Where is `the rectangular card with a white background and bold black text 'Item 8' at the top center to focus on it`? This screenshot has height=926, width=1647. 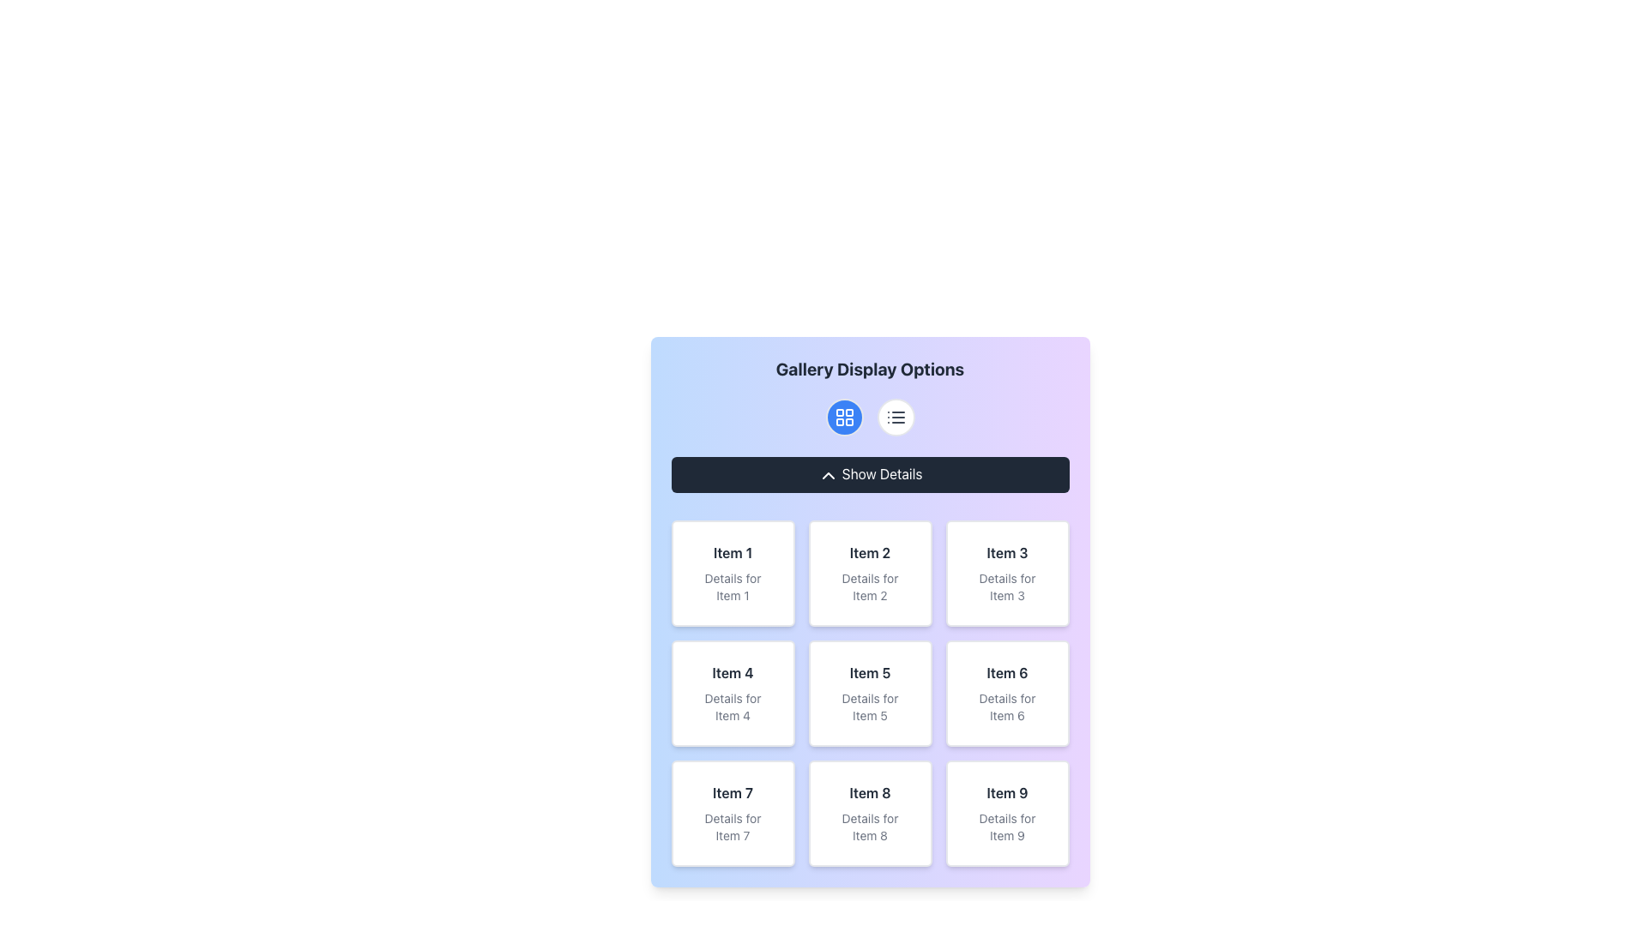
the rectangular card with a white background and bold black text 'Item 8' at the top center to focus on it is located at coordinates (870, 812).